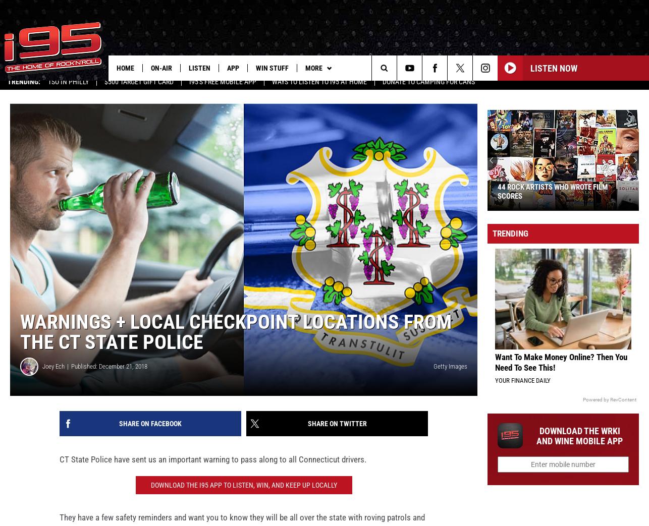 This screenshot has height=526, width=649. What do you see at coordinates (188, 68) in the screenshot?
I see `'Listen'` at bounding box center [188, 68].